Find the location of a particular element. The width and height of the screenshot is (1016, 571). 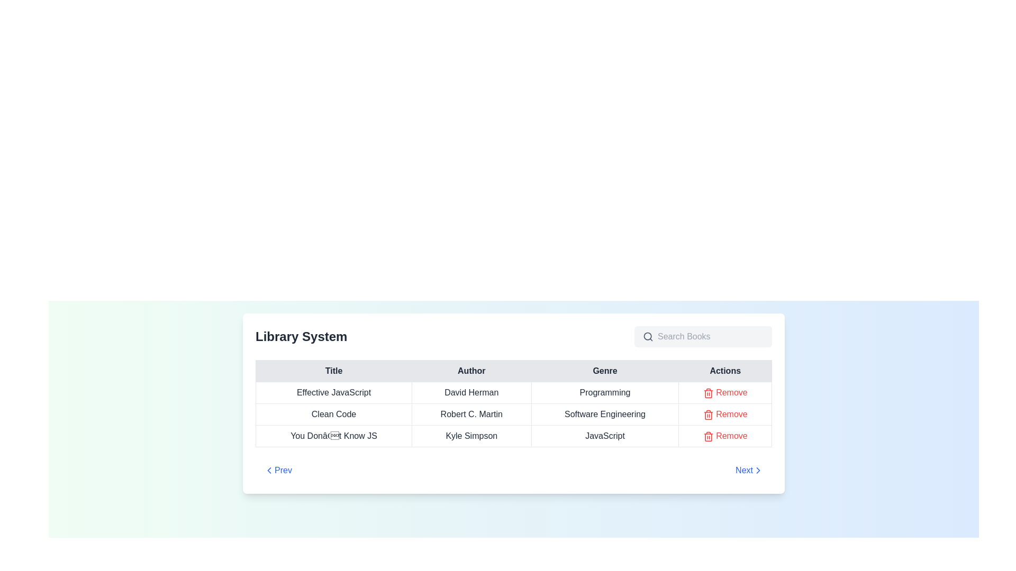

the left-pointing arrow icon labeled 'Prev' located at the bottom-left corner of the navigation control is located at coordinates (269, 470).